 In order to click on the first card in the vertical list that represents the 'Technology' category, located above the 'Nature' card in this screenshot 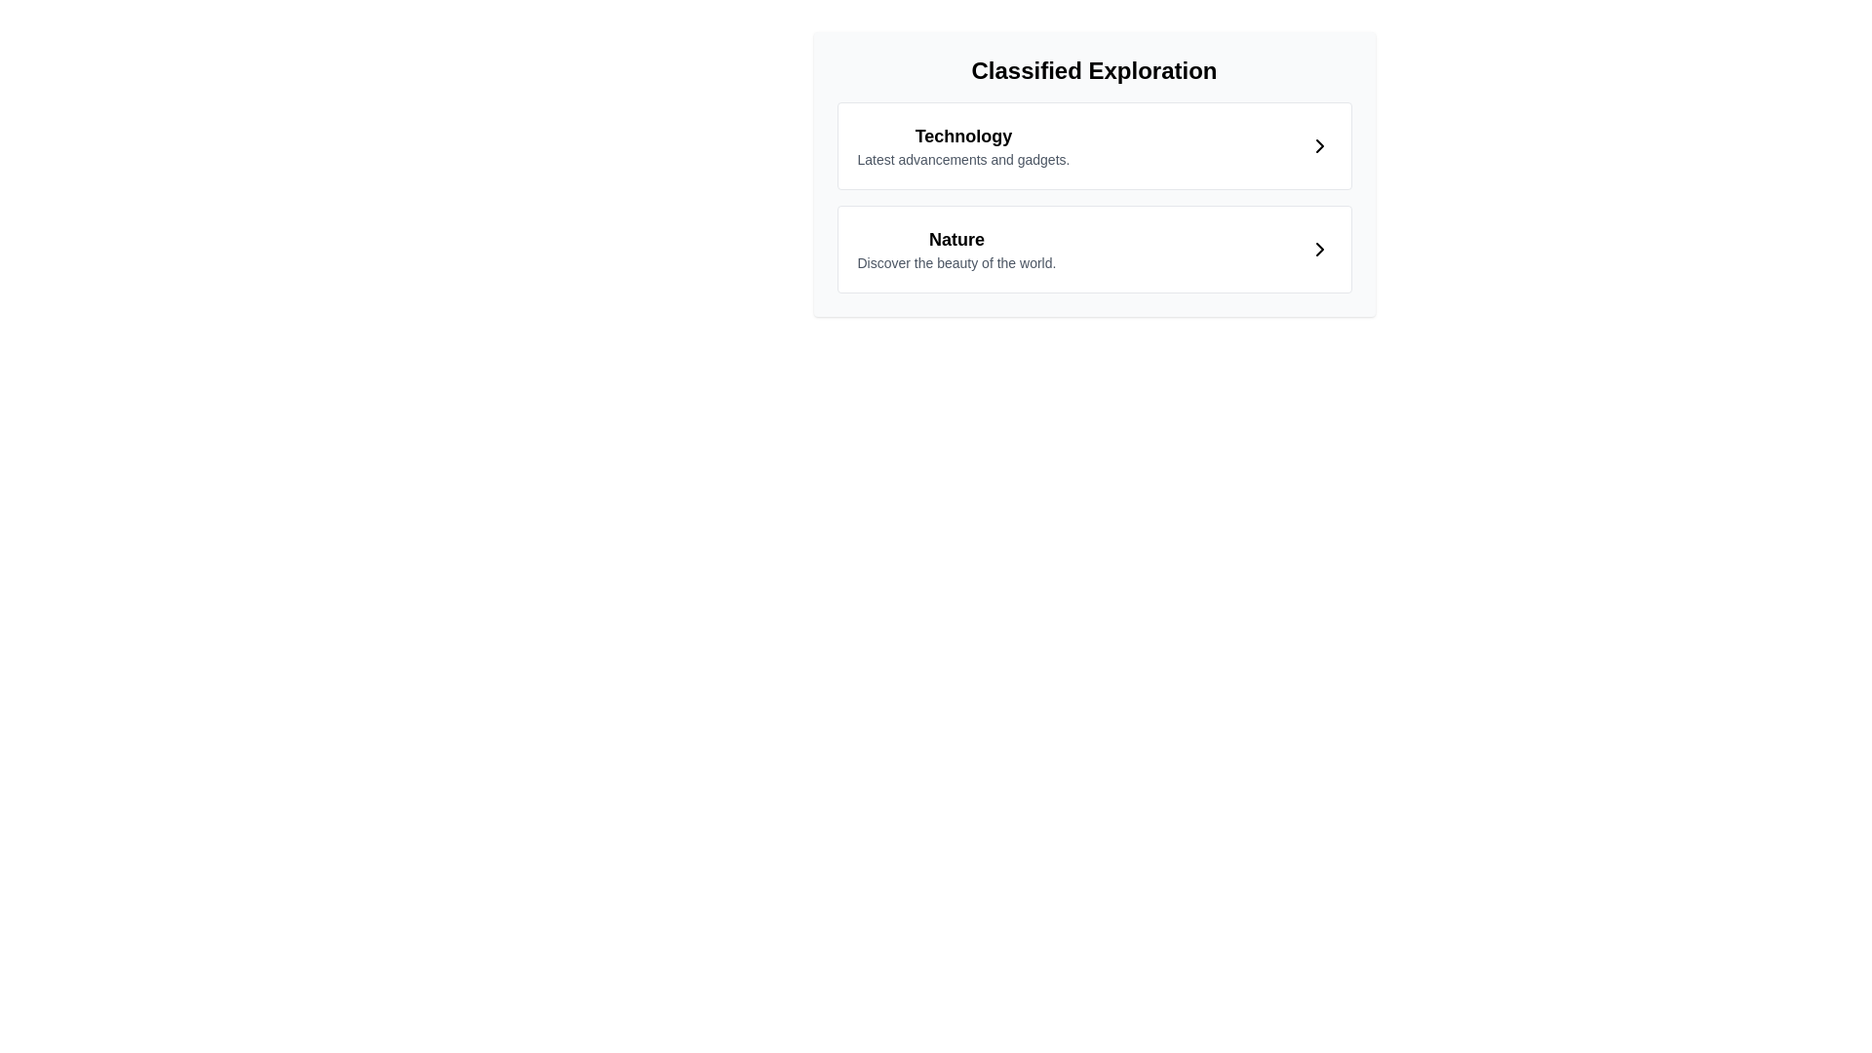, I will do `click(1094, 145)`.